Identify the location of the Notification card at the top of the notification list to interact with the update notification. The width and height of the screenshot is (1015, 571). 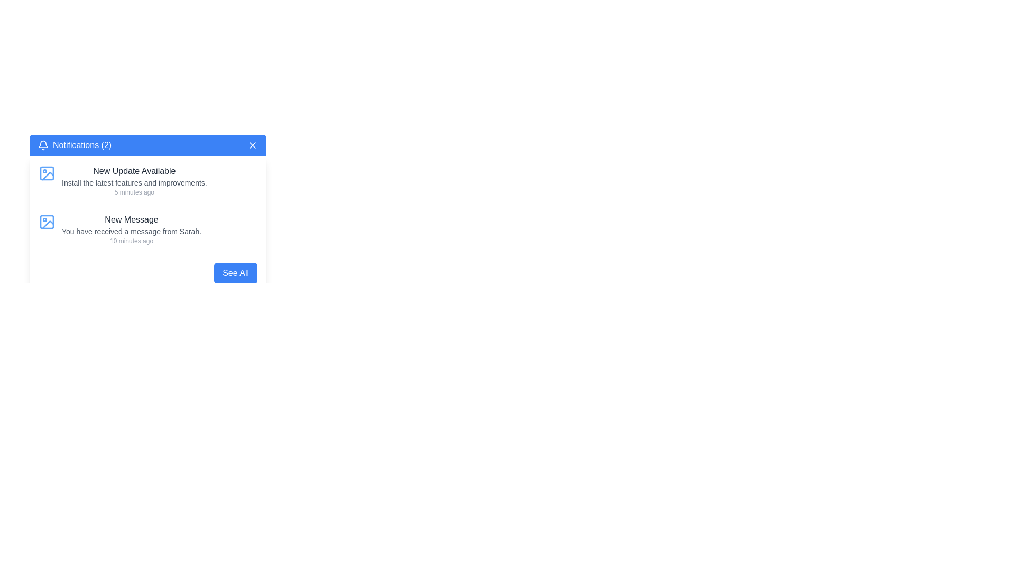
(147, 180).